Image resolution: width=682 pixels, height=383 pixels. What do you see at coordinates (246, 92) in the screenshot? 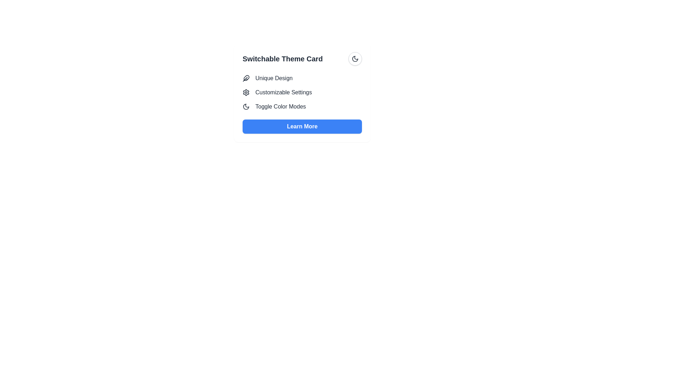
I see `the small gear icon that represents customizable settings, located to the left of the text 'Customizable Settings.'` at bounding box center [246, 92].